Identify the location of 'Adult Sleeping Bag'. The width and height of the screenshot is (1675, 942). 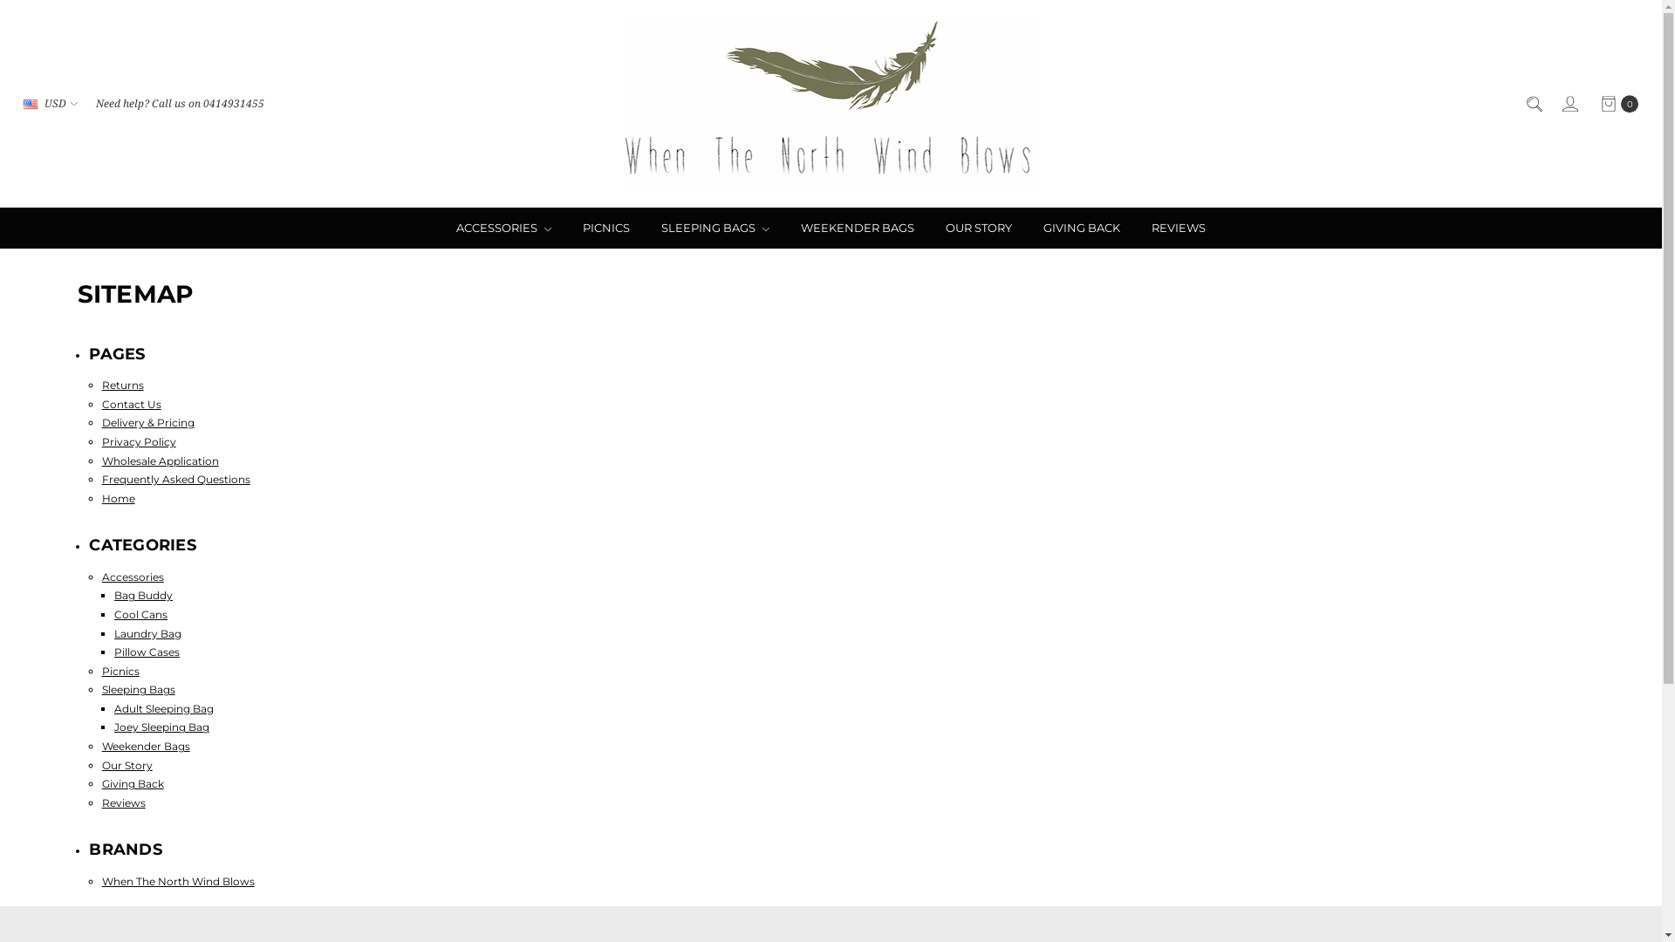
(163, 708).